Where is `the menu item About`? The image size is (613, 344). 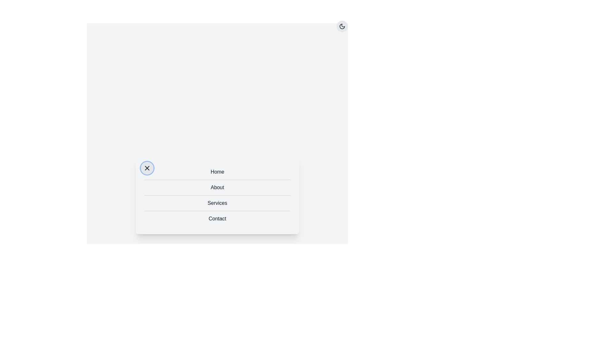
the menu item About is located at coordinates (217, 187).